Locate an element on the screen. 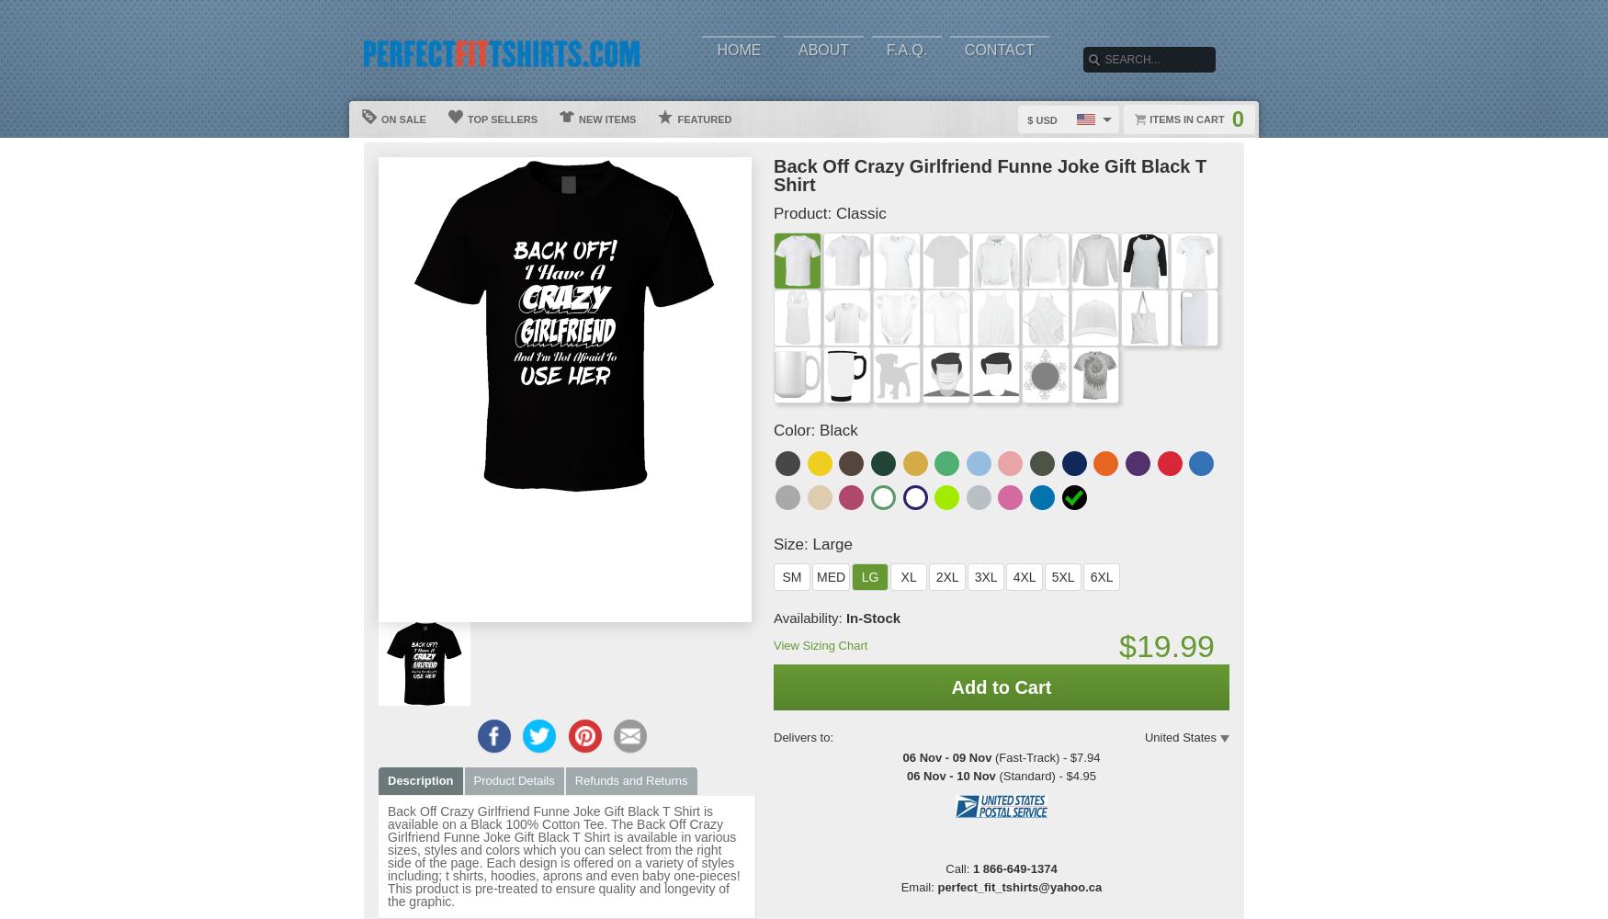  'View Sizing Chart' is located at coordinates (820, 644).